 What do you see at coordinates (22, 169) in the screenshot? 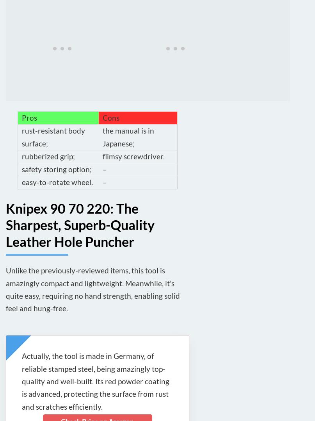
I see `'safety storing option;'` at bounding box center [22, 169].